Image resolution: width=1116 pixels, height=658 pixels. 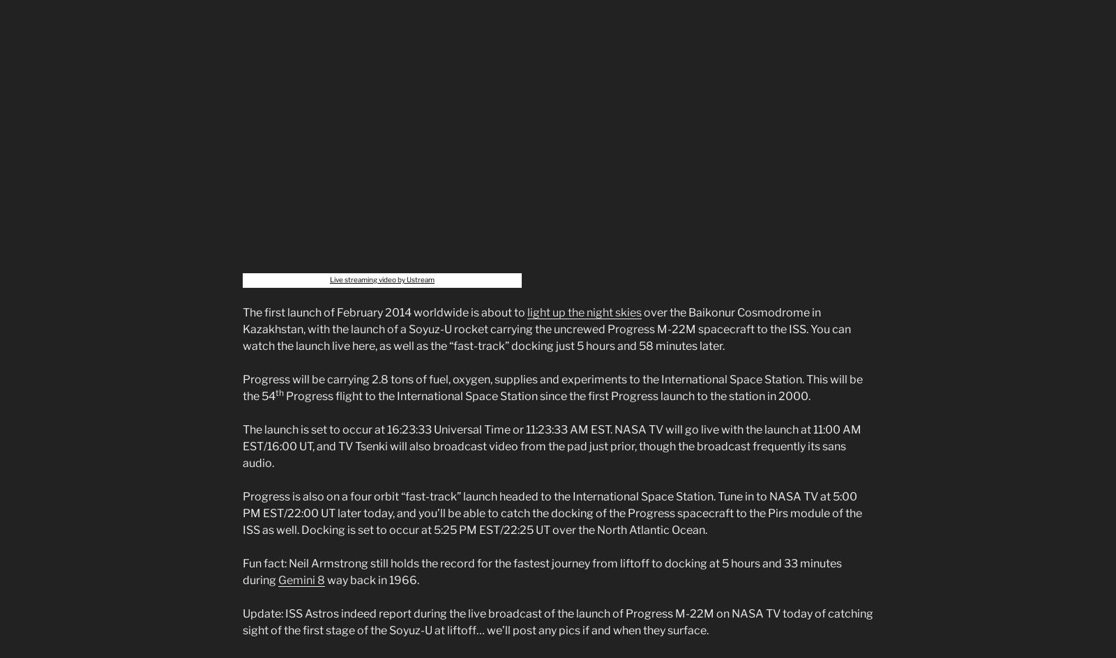 I want to click on 'Live streaming video by Ustream', so click(x=382, y=278).